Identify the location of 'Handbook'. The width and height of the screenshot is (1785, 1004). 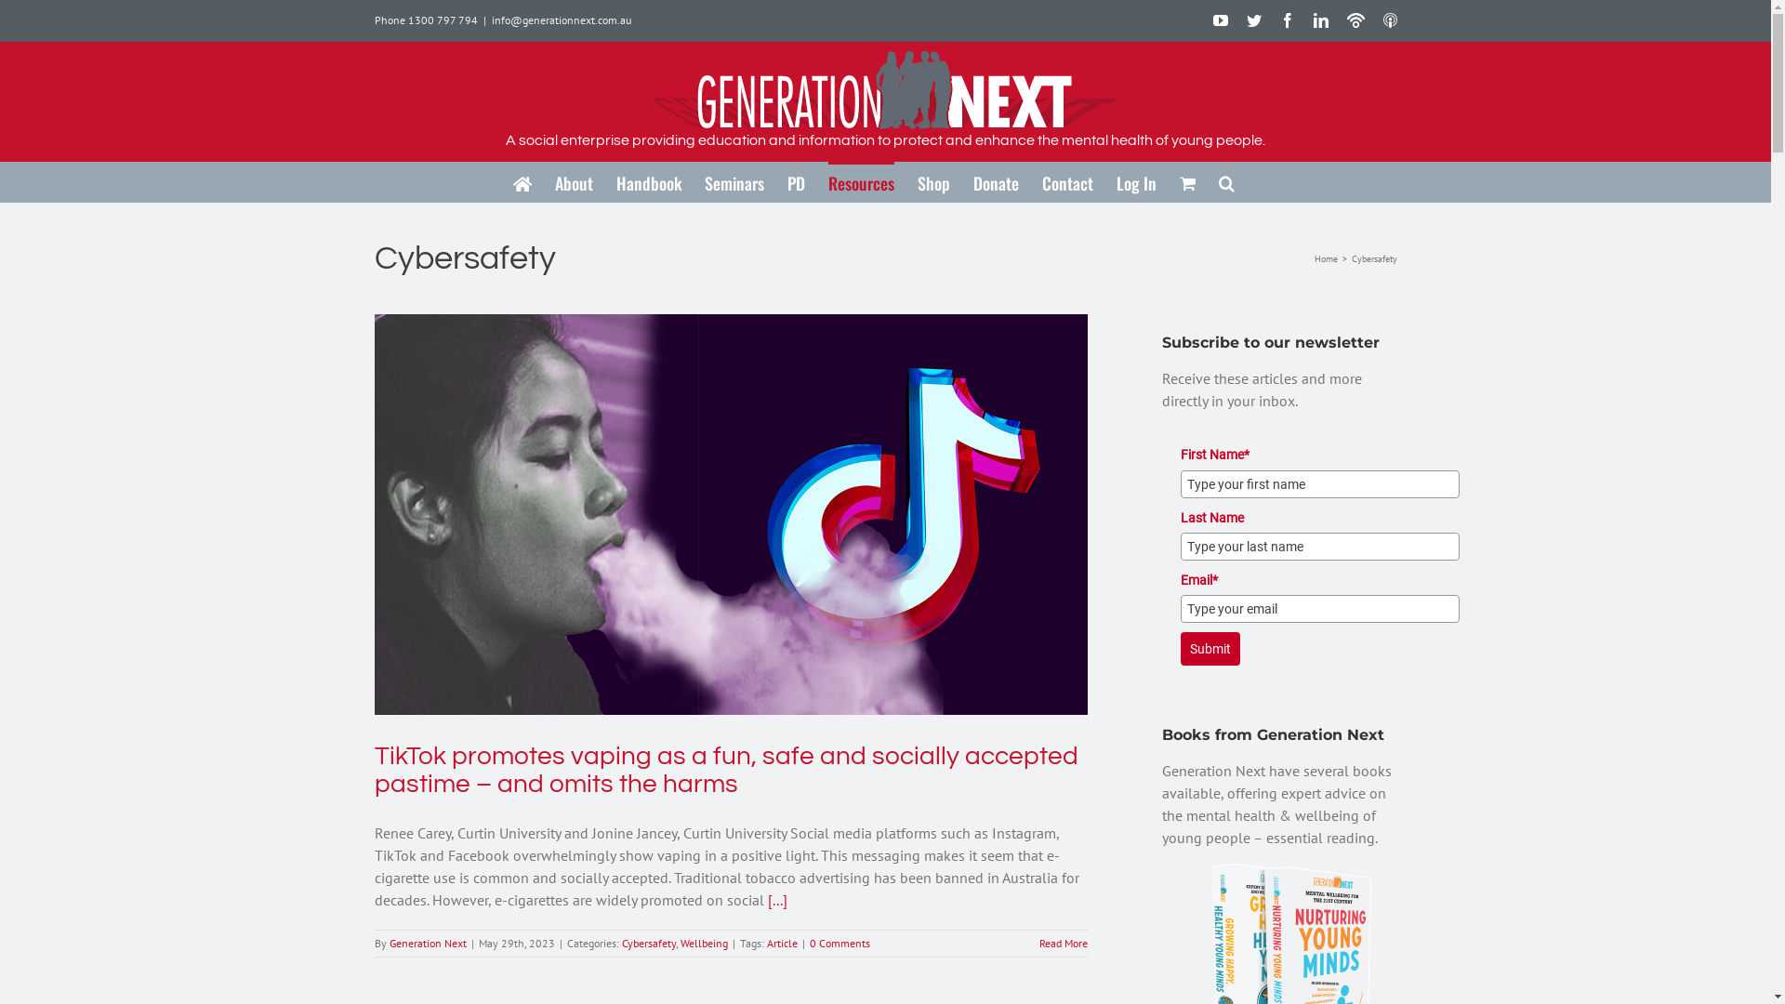
(648, 181).